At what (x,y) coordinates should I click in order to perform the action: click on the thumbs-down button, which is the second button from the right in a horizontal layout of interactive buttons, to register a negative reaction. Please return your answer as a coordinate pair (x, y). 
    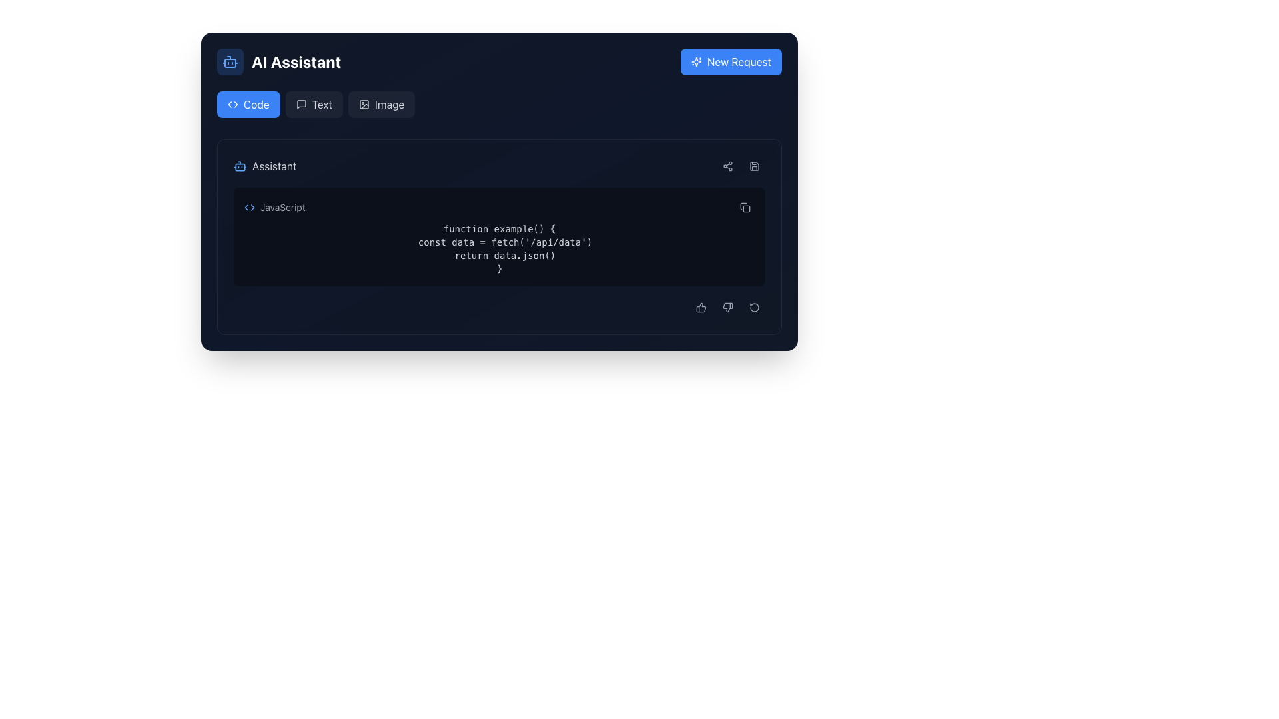
    Looking at the image, I should click on (727, 308).